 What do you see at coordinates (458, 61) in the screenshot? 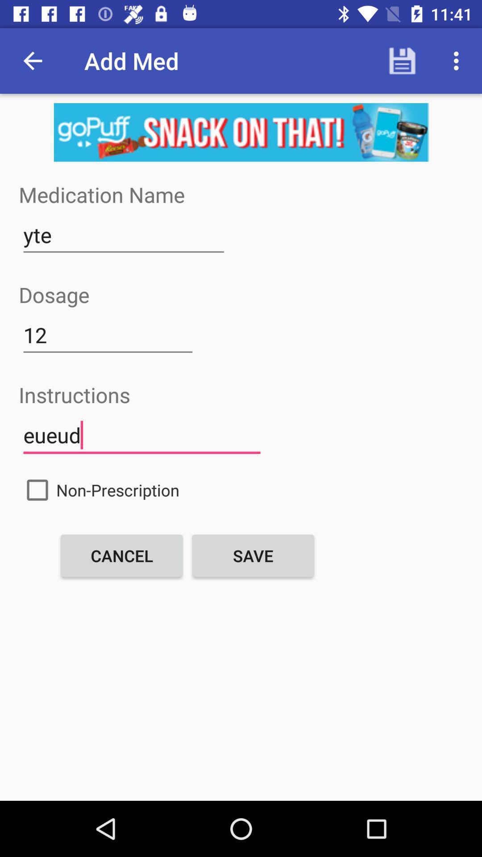
I see `the options icon` at bounding box center [458, 61].